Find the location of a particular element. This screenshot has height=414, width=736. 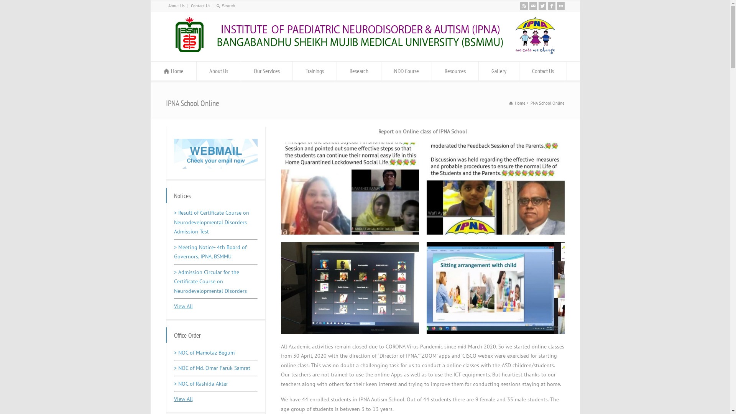

'Trainings' is located at coordinates (314, 71).